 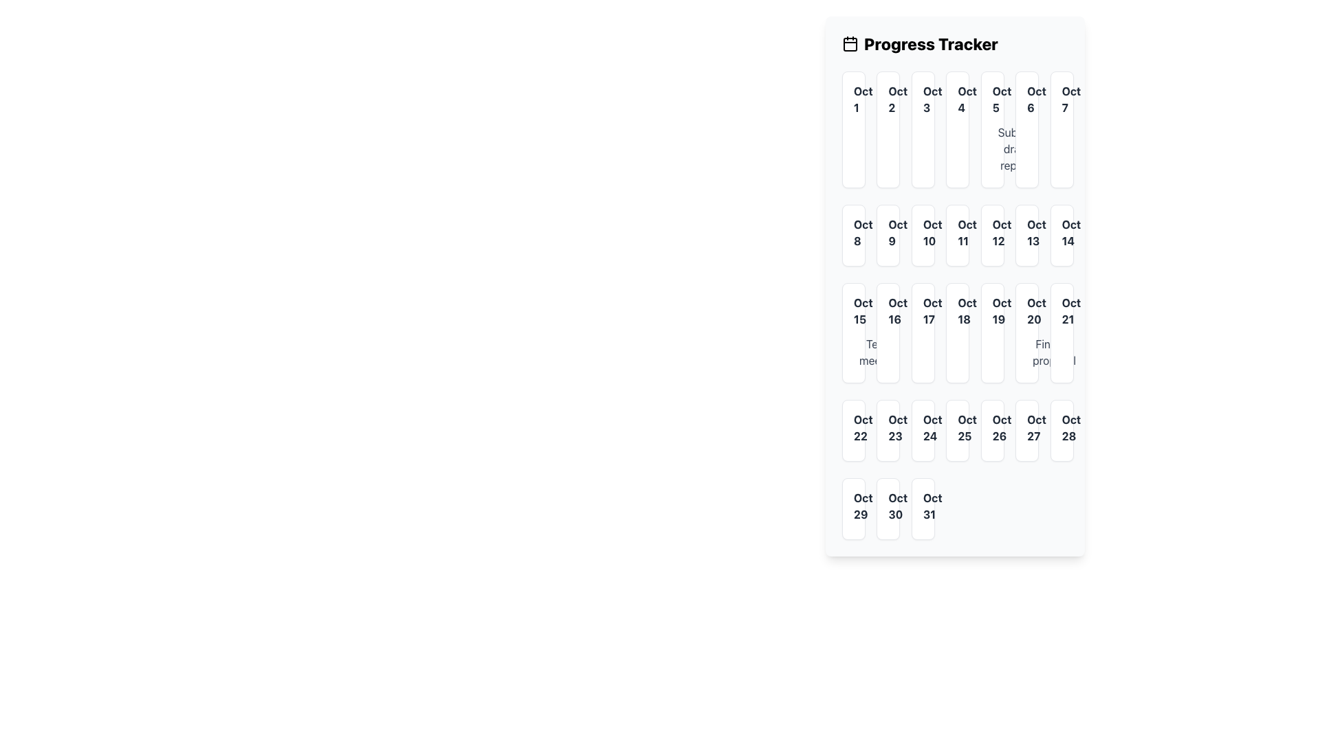 What do you see at coordinates (992, 235) in the screenshot?
I see `the Date Card representing 'October 12th' in the calendar view` at bounding box center [992, 235].